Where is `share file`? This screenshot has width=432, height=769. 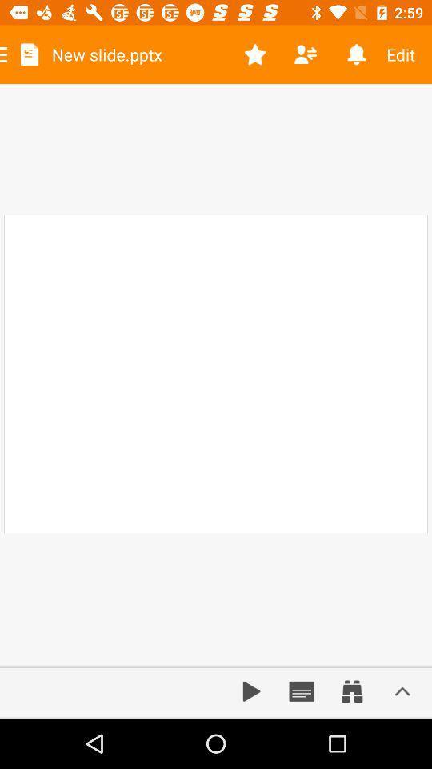 share file is located at coordinates (306, 54).